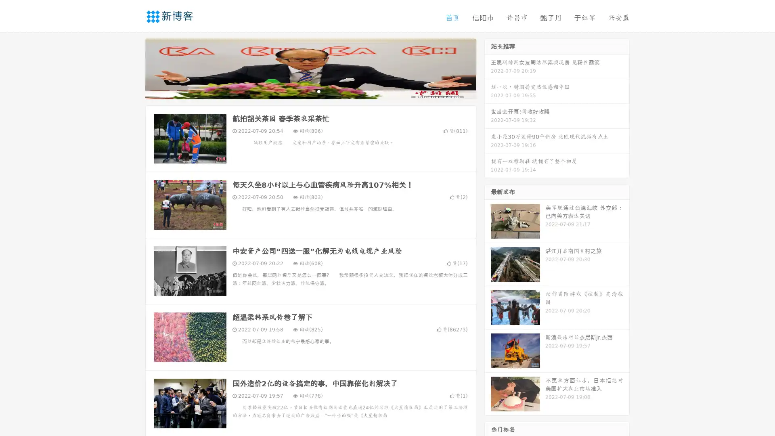 This screenshot has height=436, width=775. I want to click on Go to slide 2, so click(310, 91).